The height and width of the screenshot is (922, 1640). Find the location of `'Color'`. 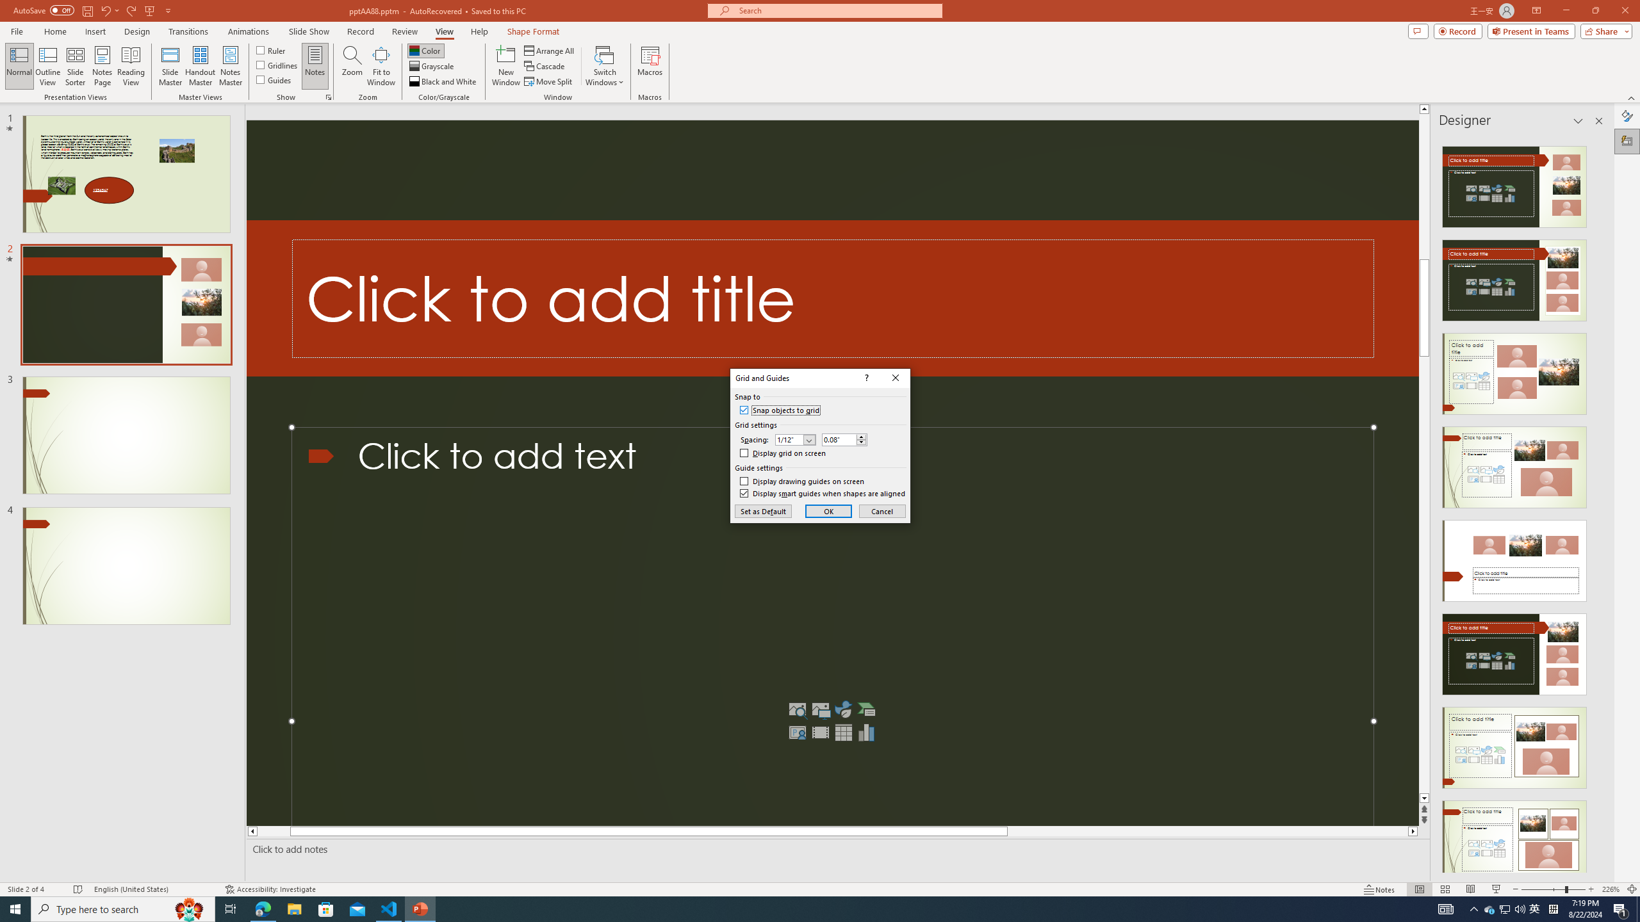

'Color' is located at coordinates (425, 50).